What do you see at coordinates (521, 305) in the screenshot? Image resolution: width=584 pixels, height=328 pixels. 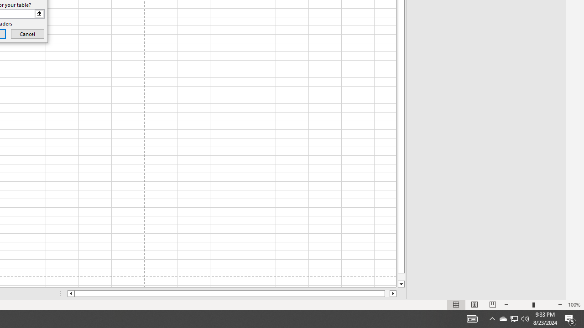 I see `'Zoom Out'` at bounding box center [521, 305].